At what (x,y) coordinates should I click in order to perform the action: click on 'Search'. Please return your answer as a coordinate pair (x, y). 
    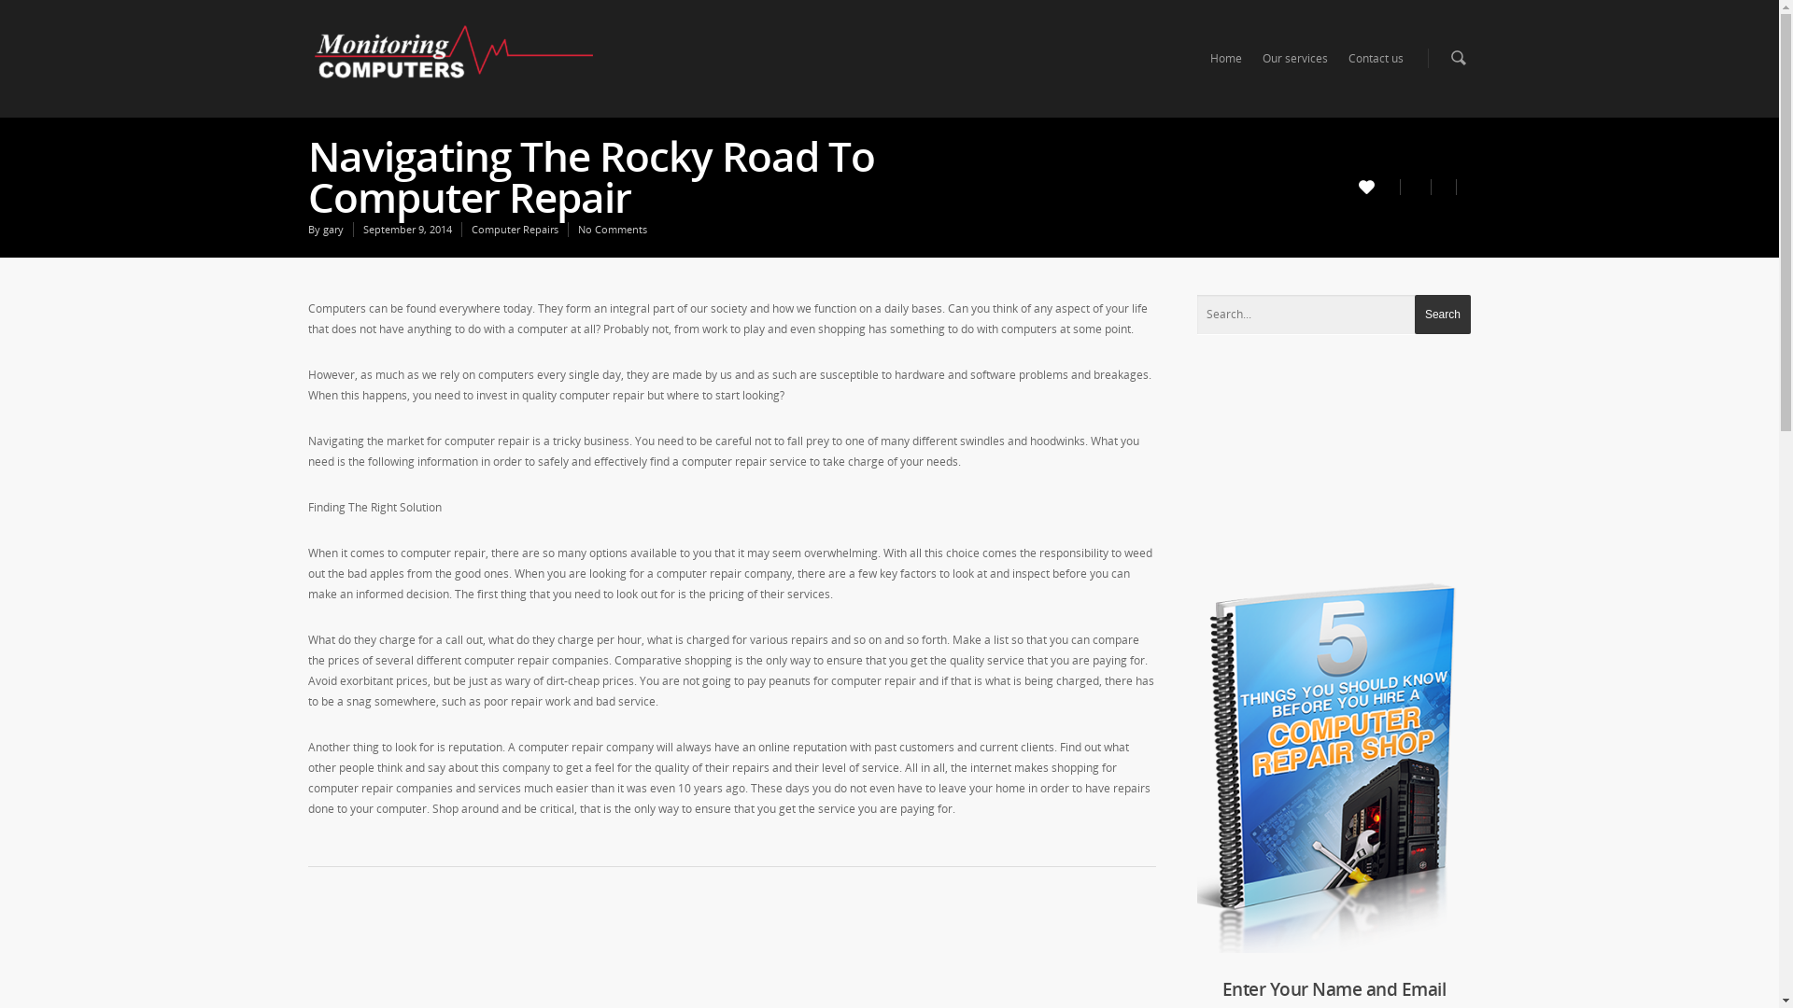
    Looking at the image, I should click on (1415, 313).